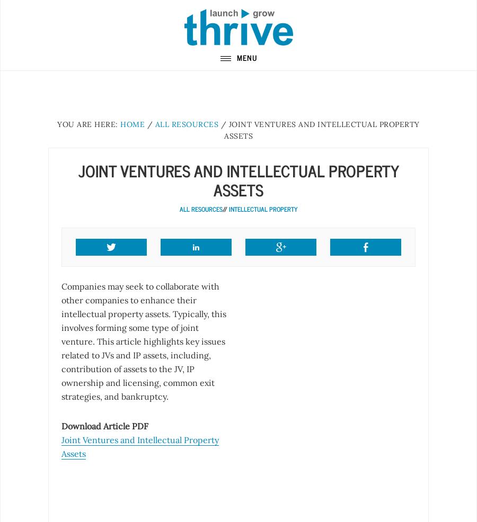 The height and width of the screenshot is (522, 477). What do you see at coordinates (104, 426) in the screenshot?
I see `'Download Article PDF'` at bounding box center [104, 426].